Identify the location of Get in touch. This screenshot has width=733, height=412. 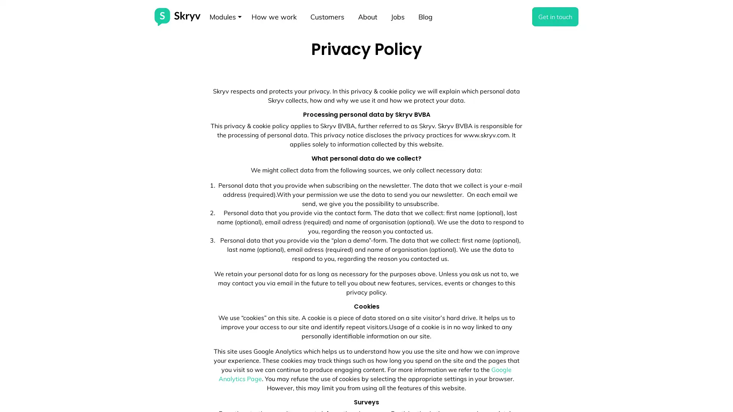
(555, 16).